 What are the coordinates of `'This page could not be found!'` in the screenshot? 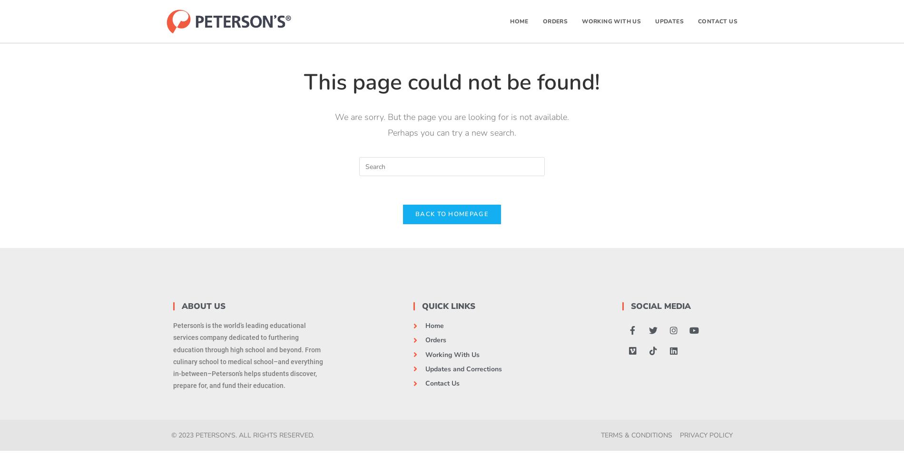 It's located at (452, 82).